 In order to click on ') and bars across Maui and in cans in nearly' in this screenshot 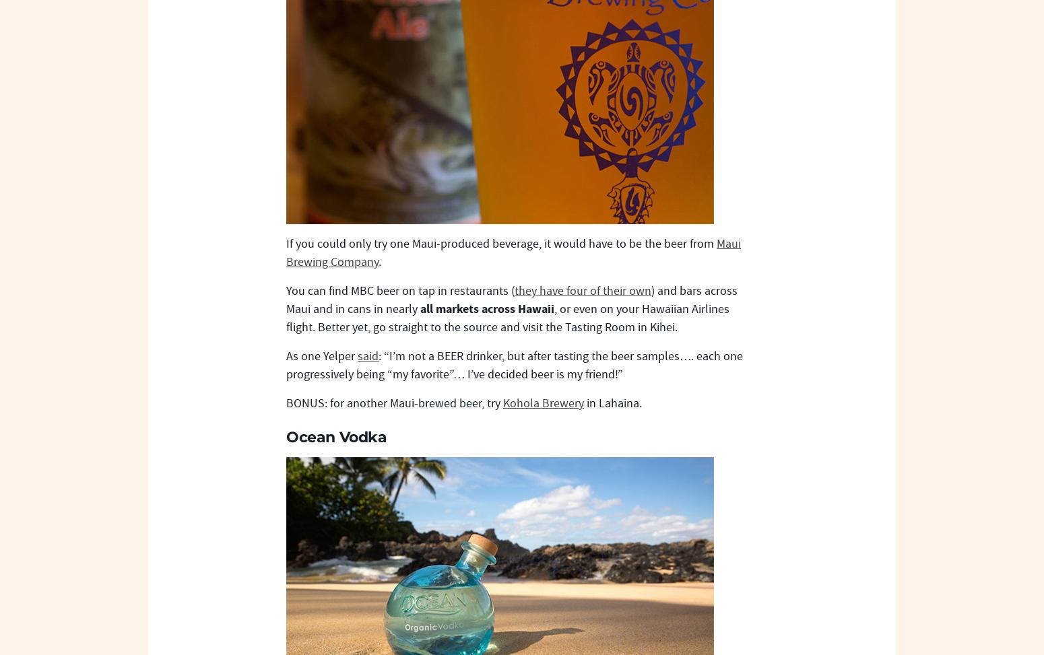, I will do `click(511, 300)`.